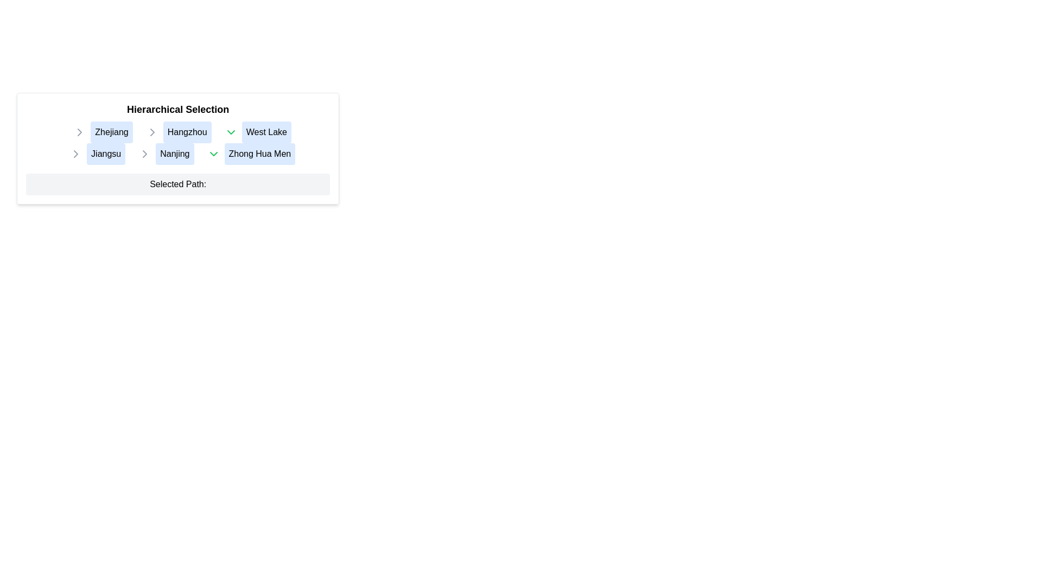  What do you see at coordinates (79, 131) in the screenshot?
I see `the chevron icon located immediately to the left of the text labeled 'Zhejiang', which serves as a visual indicator for expanding or collapsing a hierarchical element` at bounding box center [79, 131].